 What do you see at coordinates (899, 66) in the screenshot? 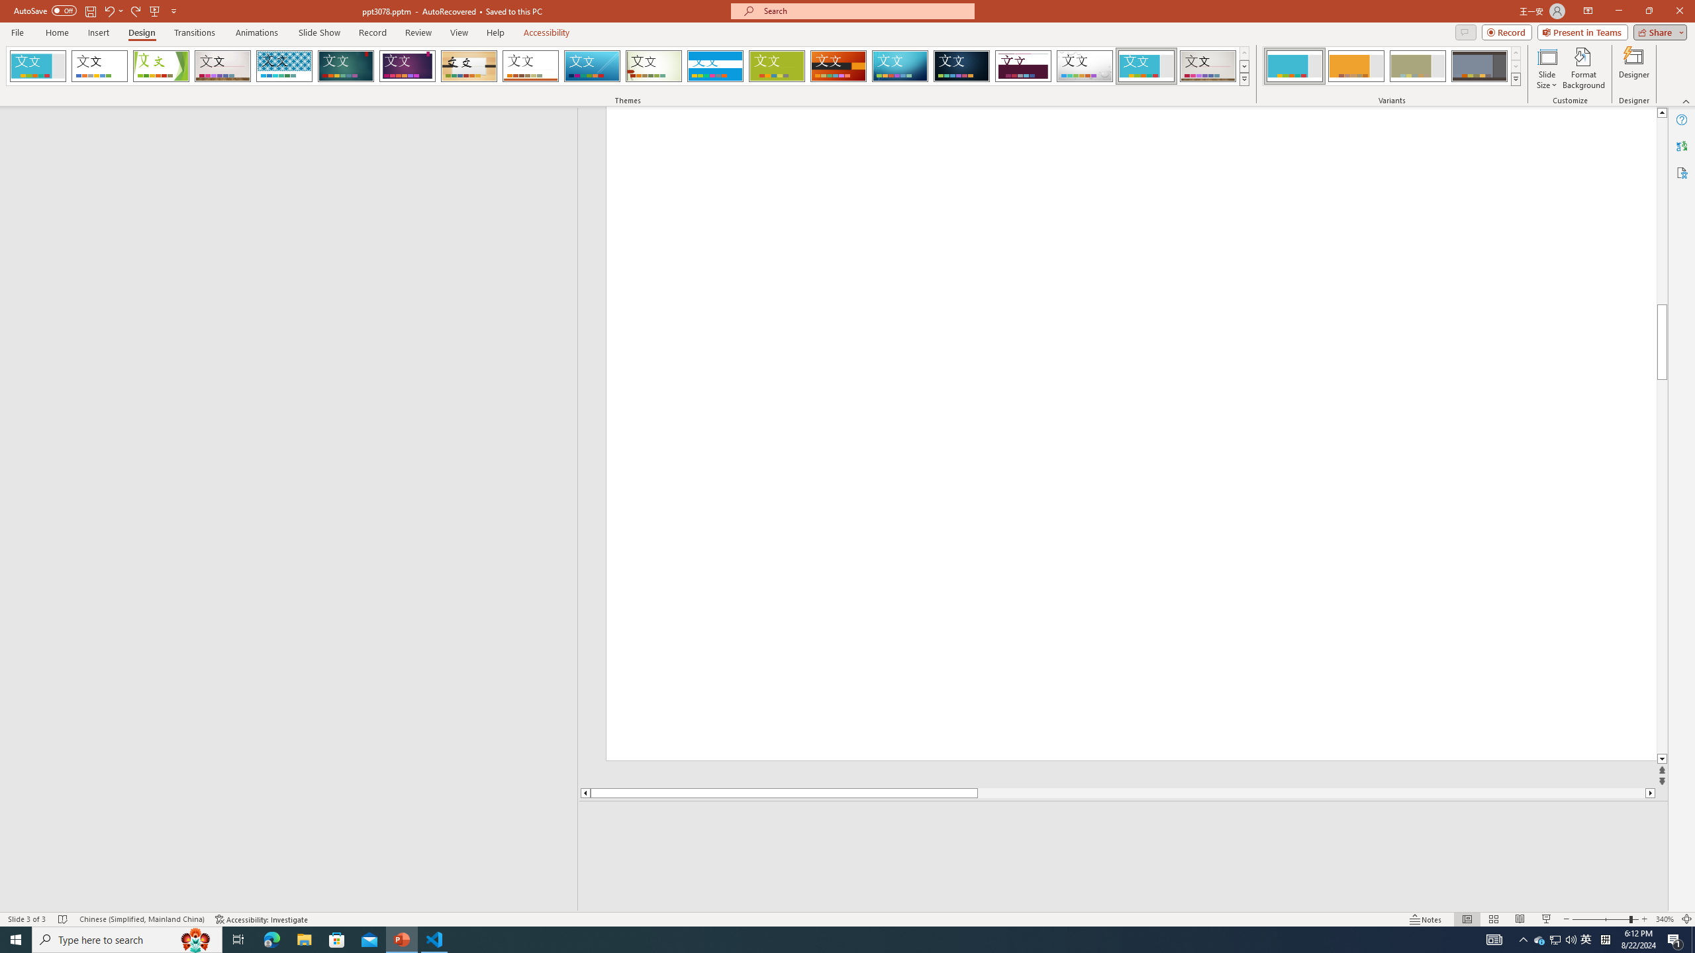
I see `'Circuit'` at bounding box center [899, 66].